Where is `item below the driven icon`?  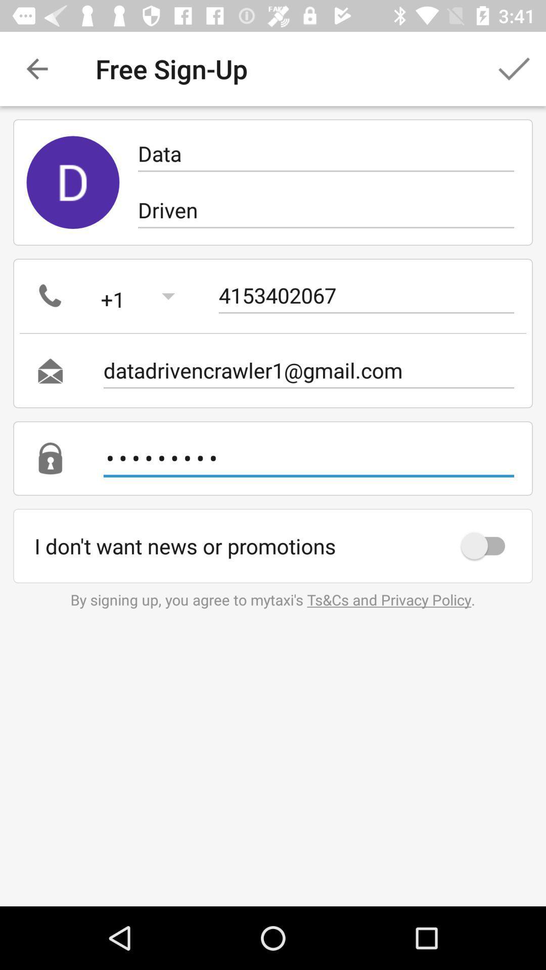
item below the driven icon is located at coordinates (366, 295).